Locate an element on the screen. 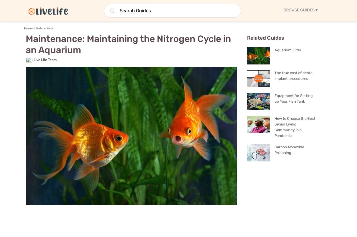 This screenshot has width=357, height=237. 'How to Choose the Best Senior Living Community in a Pandemic' is located at coordinates (295, 127).